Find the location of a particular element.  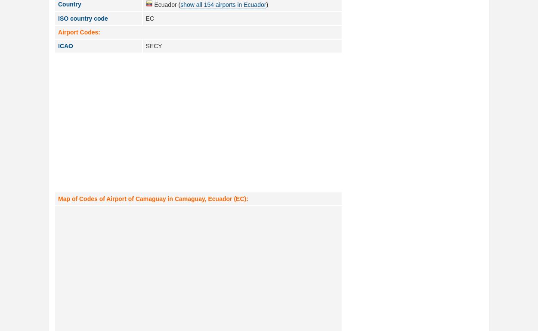

'ISO country code' is located at coordinates (82, 18).